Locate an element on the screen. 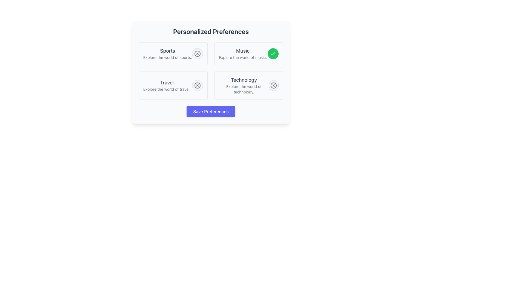  the 'Sports' text block, which features a prominent title in bold gray font and a smaller description below it is located at coordinates (167, 54).